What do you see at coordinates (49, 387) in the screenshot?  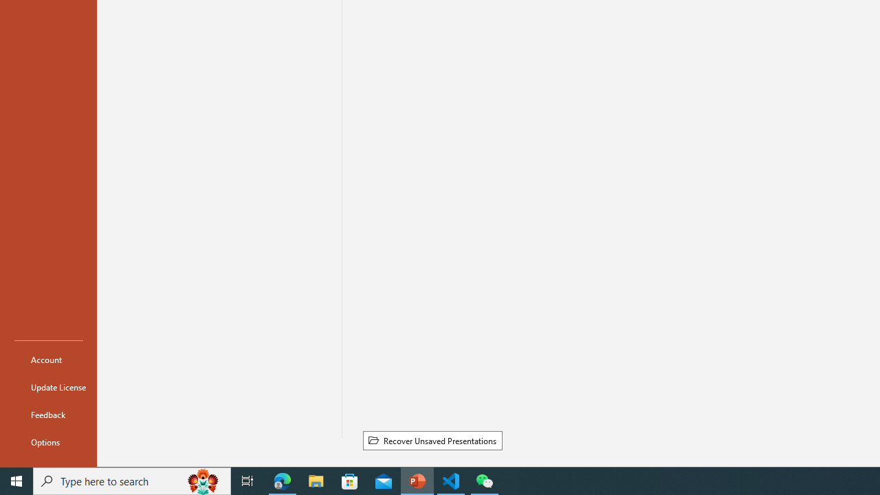 I see `'Update License'` at bounding box center [49, 387].